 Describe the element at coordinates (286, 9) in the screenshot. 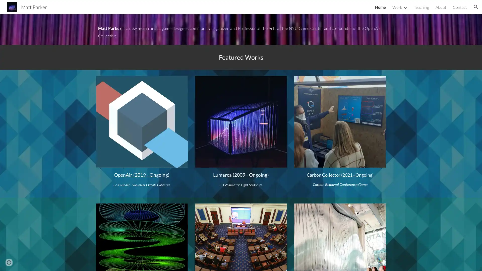

I see `Skip to navigation` at that location.